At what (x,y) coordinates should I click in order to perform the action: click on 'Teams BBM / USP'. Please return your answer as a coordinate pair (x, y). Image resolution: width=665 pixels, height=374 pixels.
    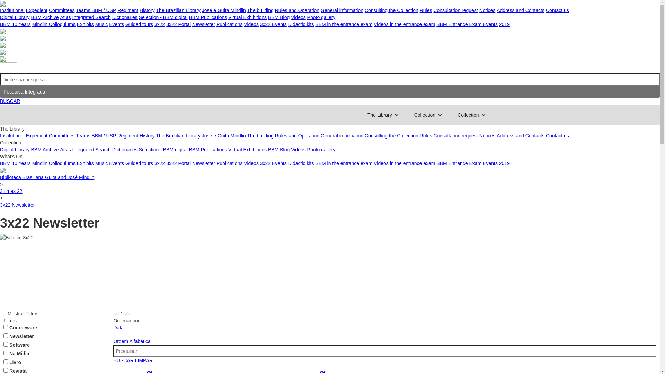
    Looking at the image, I should click on (96, 10).